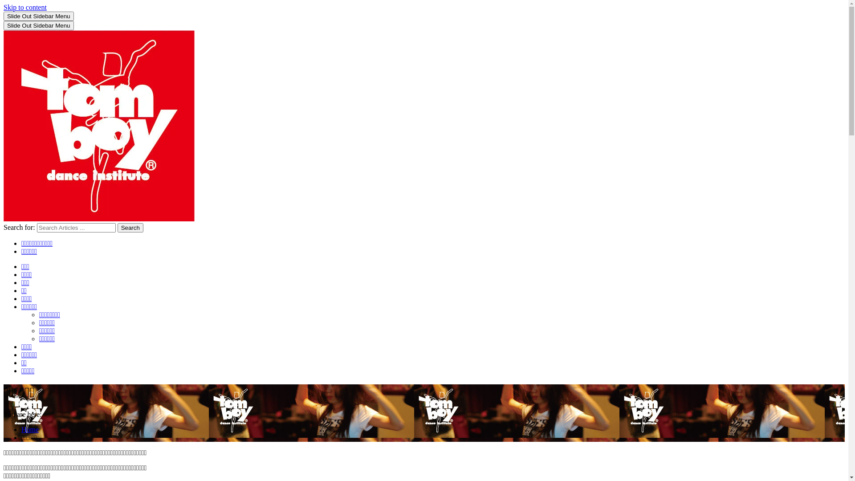 The image size is (855, 481). Describe the element at coordinates (25, 7) in the screenshot. I see `'Skip to content'` at that location.